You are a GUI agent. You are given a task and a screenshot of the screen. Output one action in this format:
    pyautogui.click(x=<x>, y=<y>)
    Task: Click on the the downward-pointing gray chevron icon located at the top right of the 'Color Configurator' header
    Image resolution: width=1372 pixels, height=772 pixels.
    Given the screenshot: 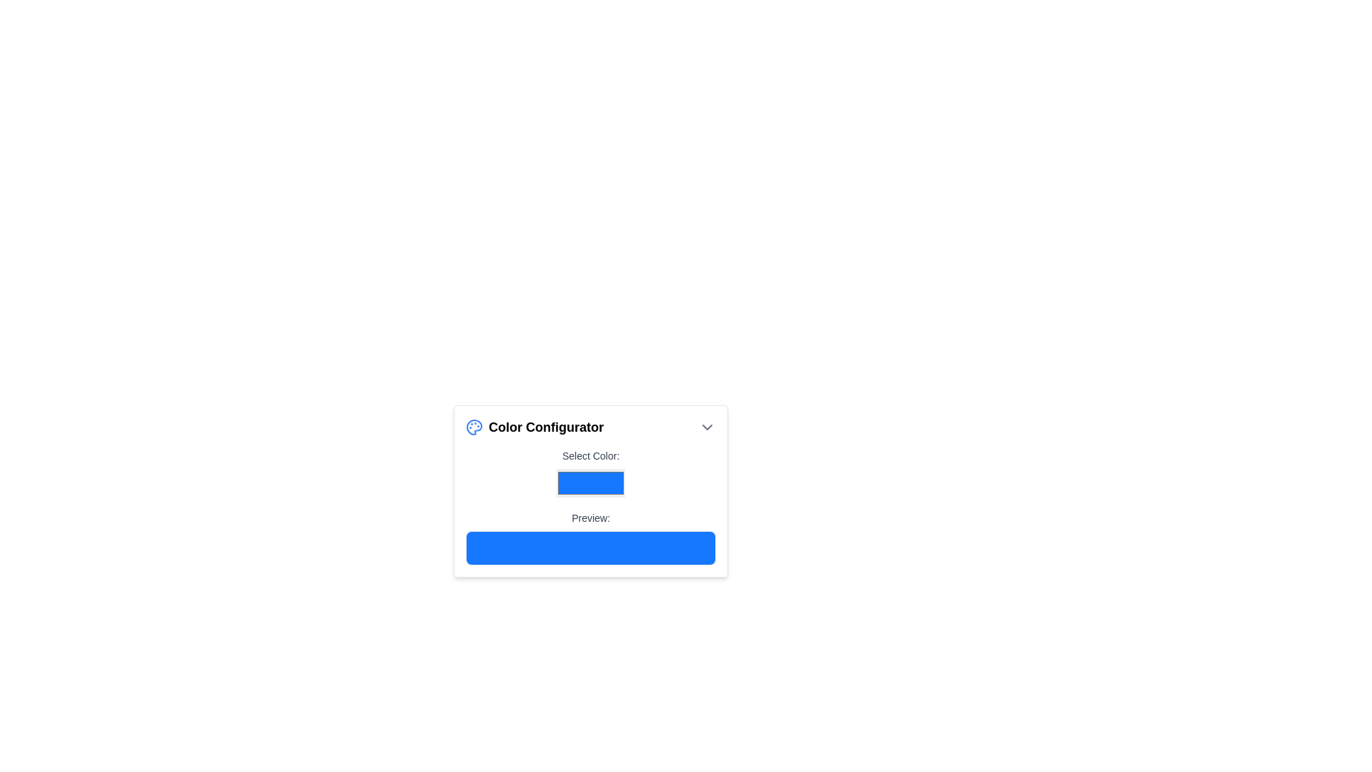 What is the action you would take?
    pyautogui.click(x=707, y=426)
    